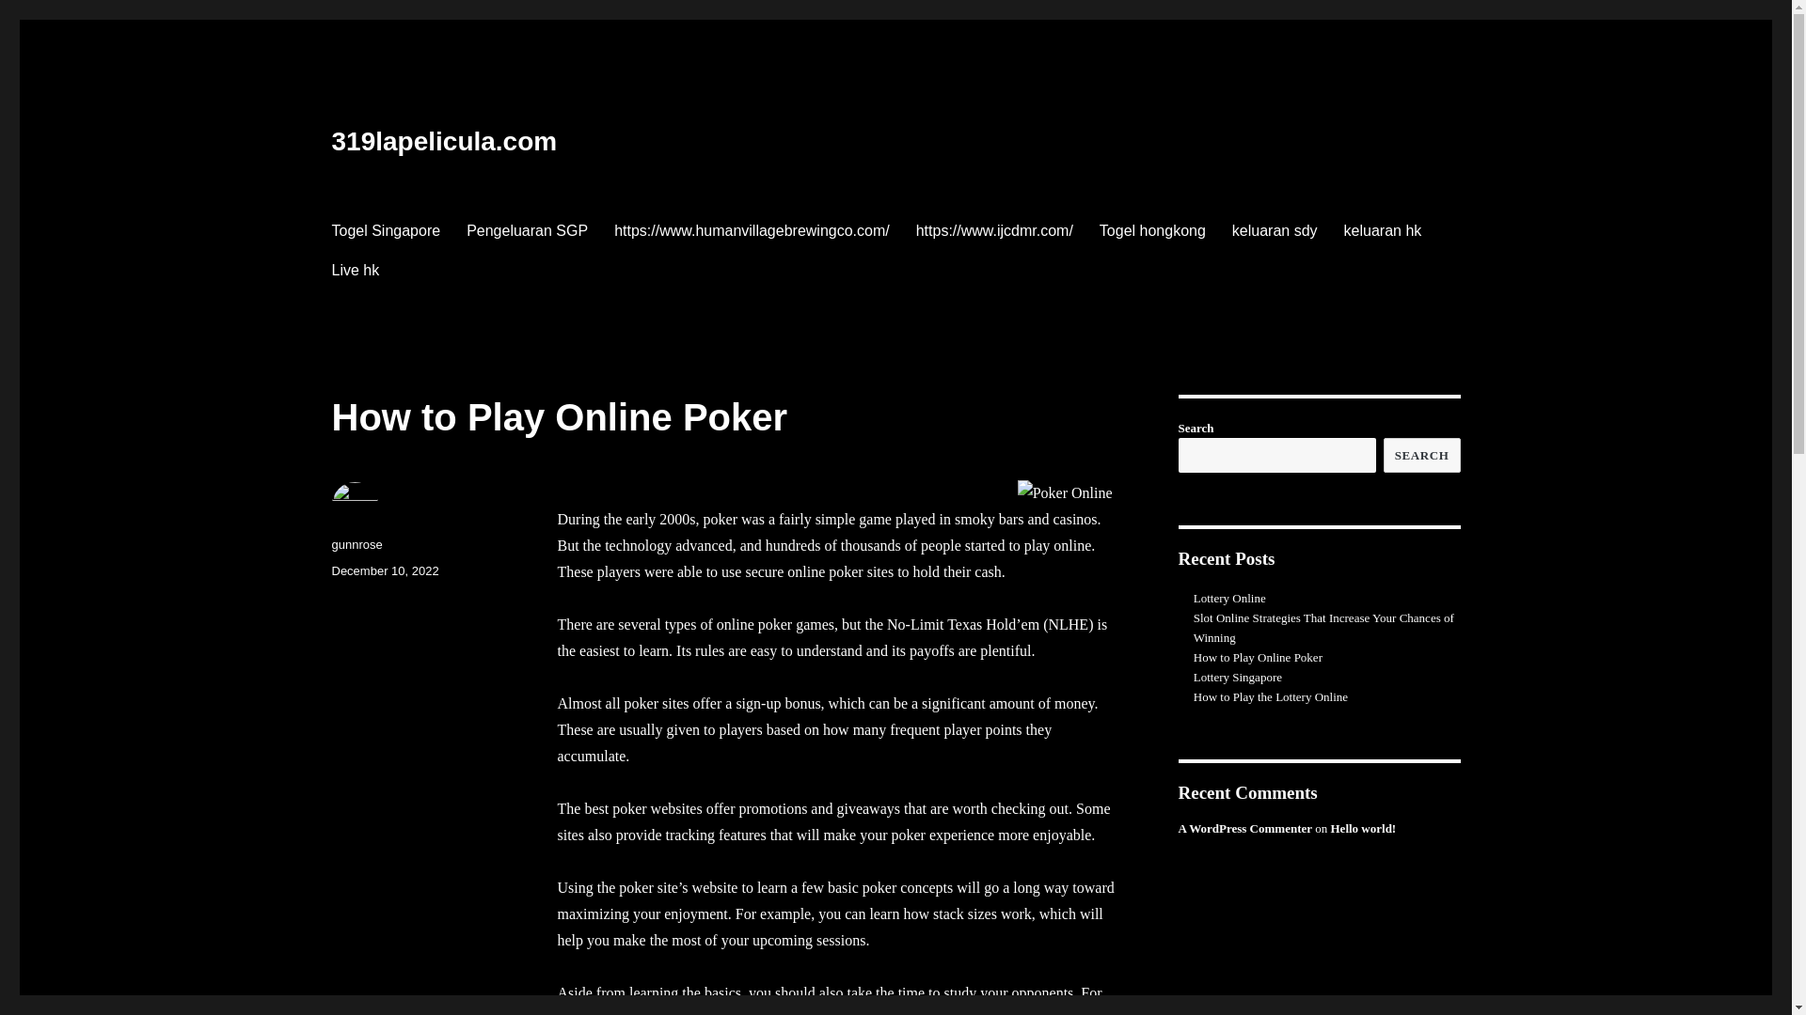  I want to click on 'keluaran sdy', so click(1275, 229).